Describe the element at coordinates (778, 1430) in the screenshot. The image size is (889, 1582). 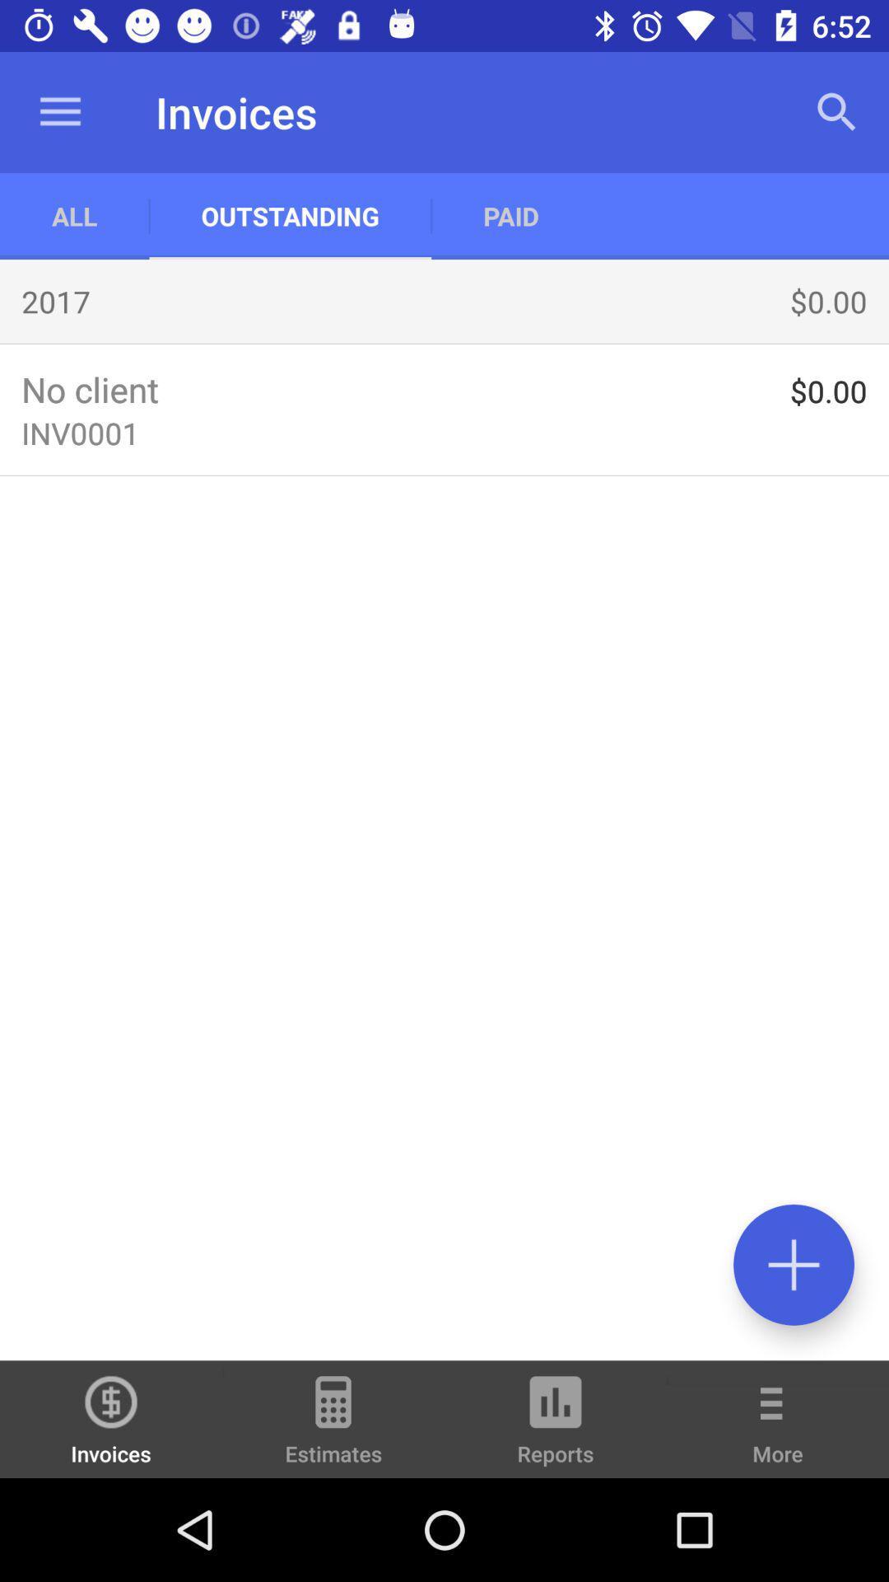
I see `more icon` at that location.